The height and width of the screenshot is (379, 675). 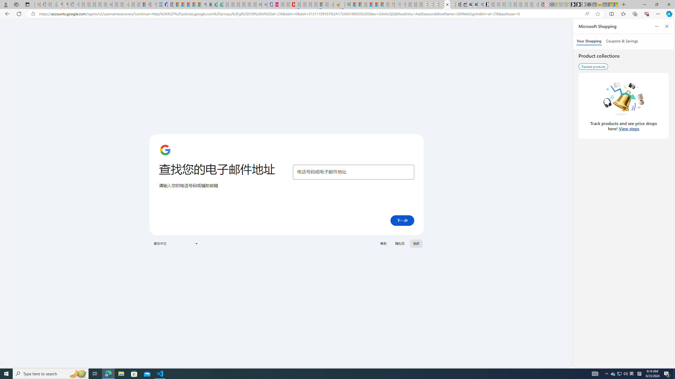 What do you see at coordinates (535, 4) in the screenshot?
I see `'Home | Sky Blue Bikes - Sky Blue Bikes - Sleeping'` at bounding box center [535, 4].